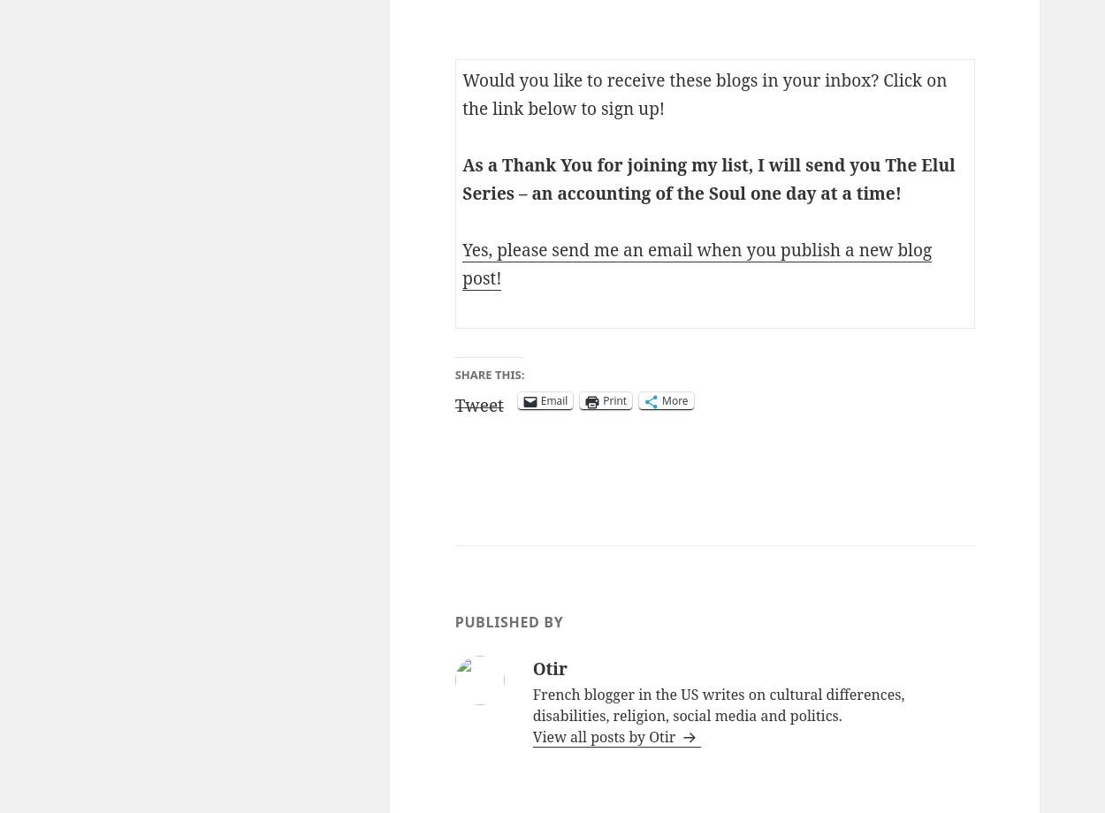 This screenshot has width=1105, height=813. What do you see at coordinates (718, 705) in the screenshot?
I see `'French blogger in the US writes on cultural differences, disabilities, religion, social media and politics.'` at bounding box center [718, 705].